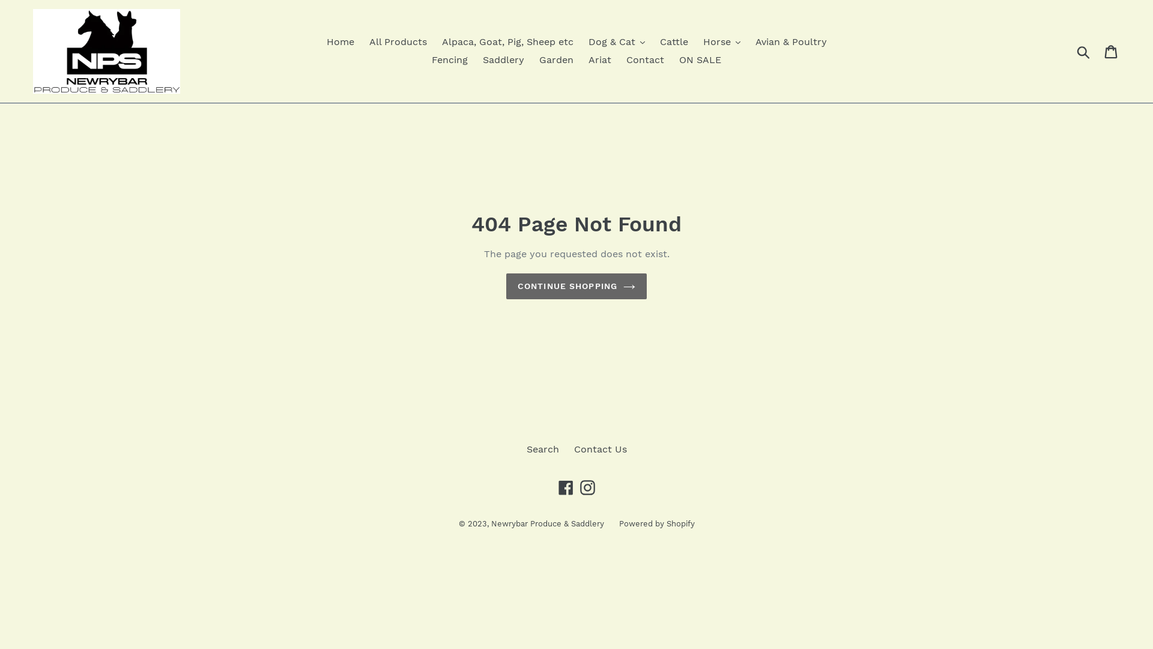 The height and width of the screenshot is (649, 1153). What do you see at coordinates (656, 523) in the screenshot?
I see `'Powered by Shopify'` at bounding box center [656, 523].